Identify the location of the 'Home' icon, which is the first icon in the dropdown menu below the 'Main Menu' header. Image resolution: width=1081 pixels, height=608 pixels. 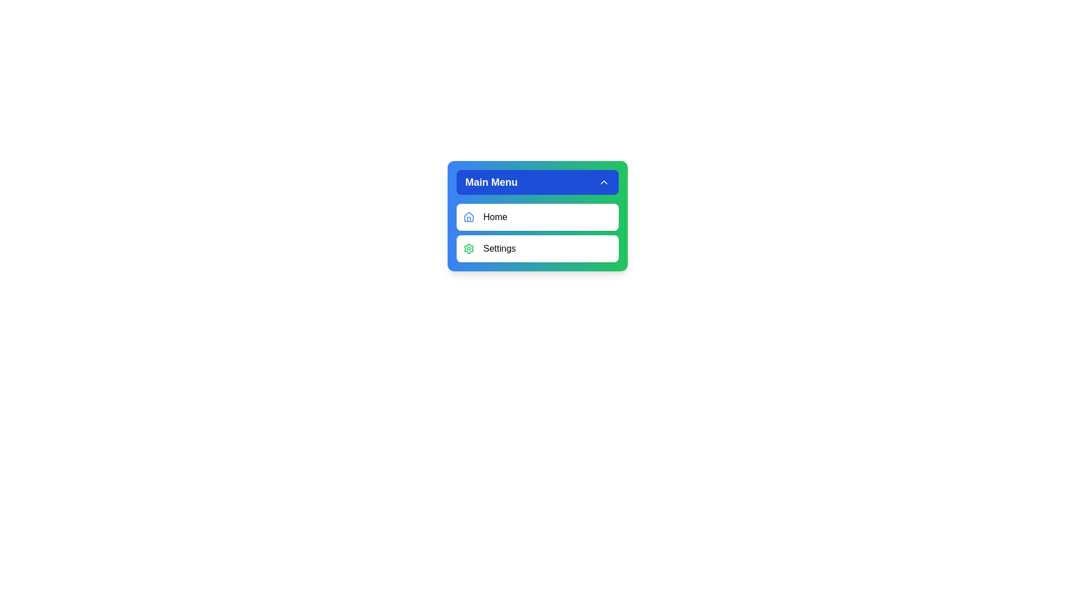
(468, 217).